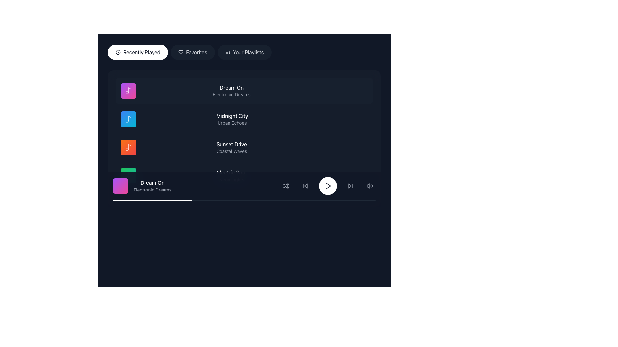 The width and height of the screenshot is (618, 347). Describe the element at coordinates (128, 119) in the screenshot. I see `the music icon representing the song 'Midnight City' located in the second position under 'Recently Played'` at that location.